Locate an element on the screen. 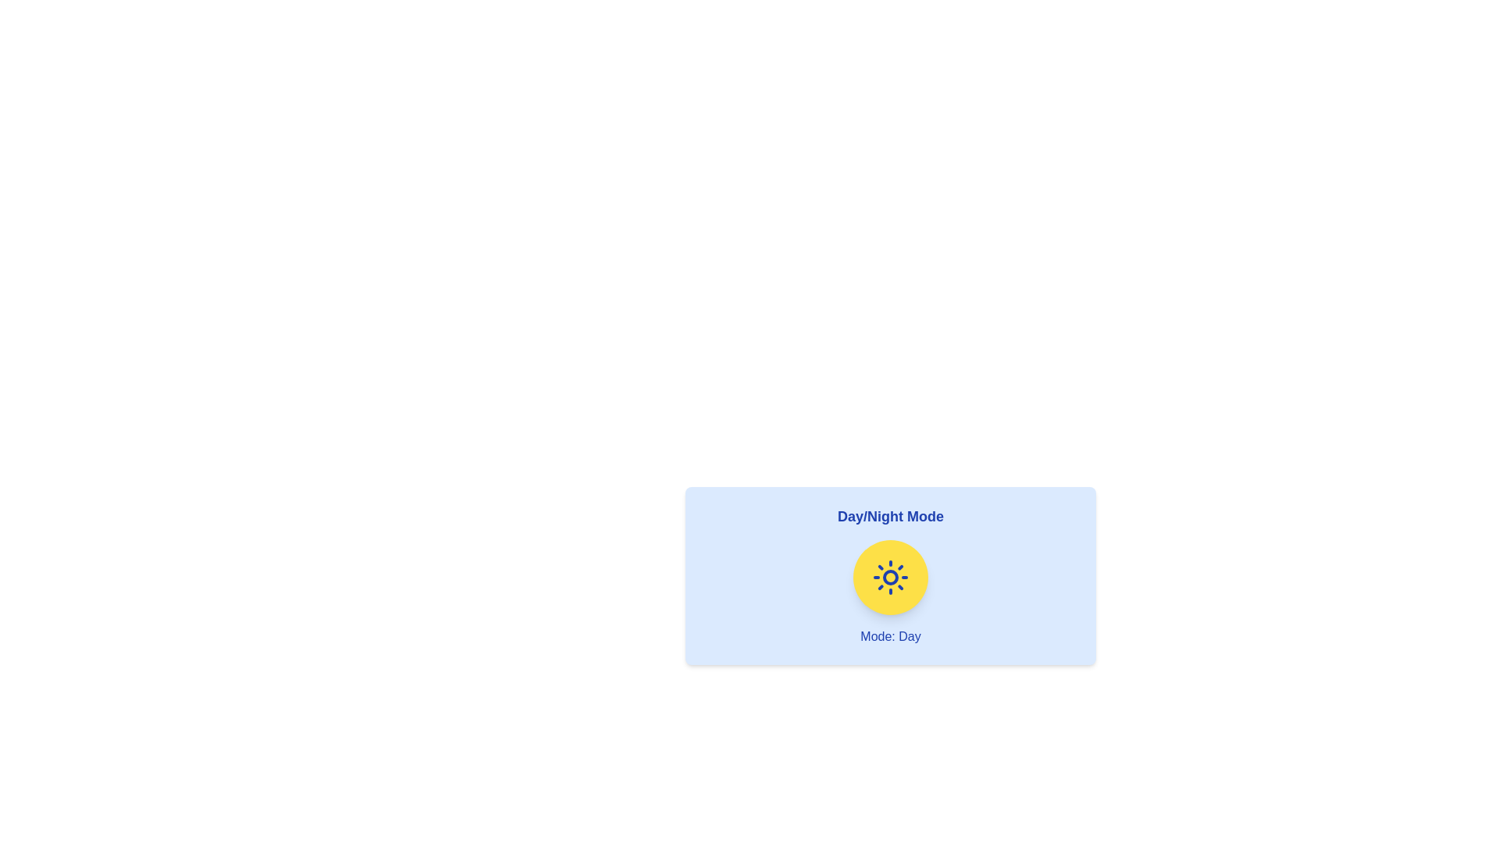 The image size is (1499, 843). toggle button to switch between Day and Night modes is located at coordinates (891, 578).